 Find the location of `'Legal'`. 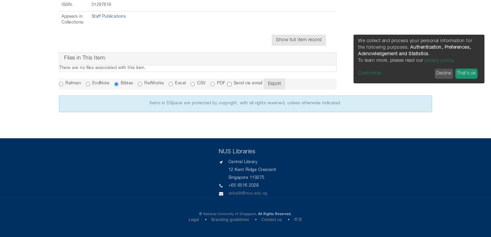

'Legal' is located at coordinates (193, 219).